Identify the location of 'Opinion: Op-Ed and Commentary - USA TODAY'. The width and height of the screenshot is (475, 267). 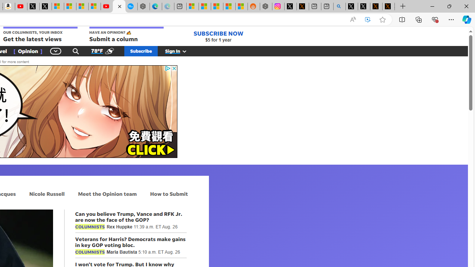
(119, 6).